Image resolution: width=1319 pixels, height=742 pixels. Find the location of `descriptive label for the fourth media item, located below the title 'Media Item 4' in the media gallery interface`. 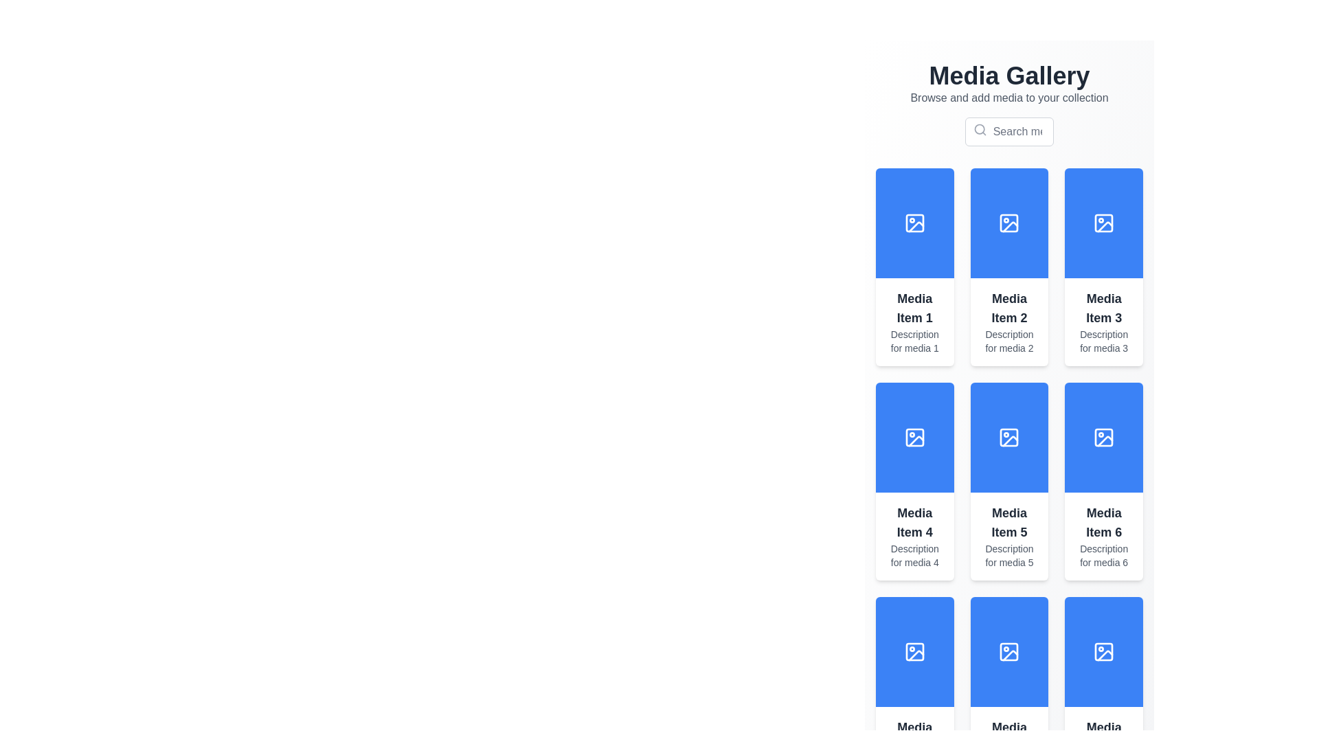

descriptive label for the fourth media item, located below the title 'Media Item 4' in the media gallery interface is located at coordinates (914, 555).